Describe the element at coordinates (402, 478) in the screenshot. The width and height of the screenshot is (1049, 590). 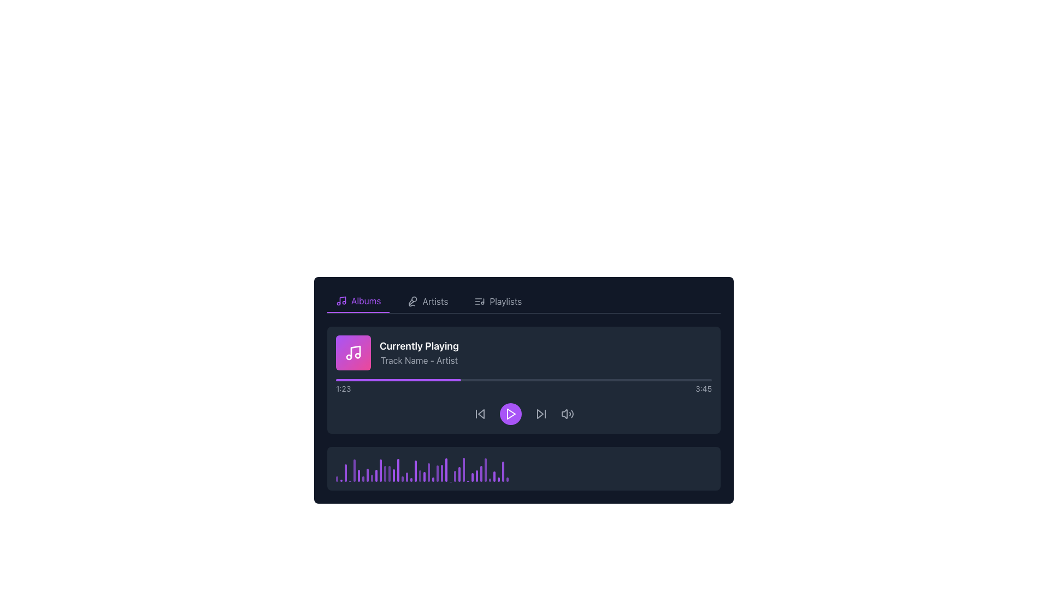
I see `the 16th vertical purple bar in the audio visualization graph at the bottom of the media player interface` at that location.